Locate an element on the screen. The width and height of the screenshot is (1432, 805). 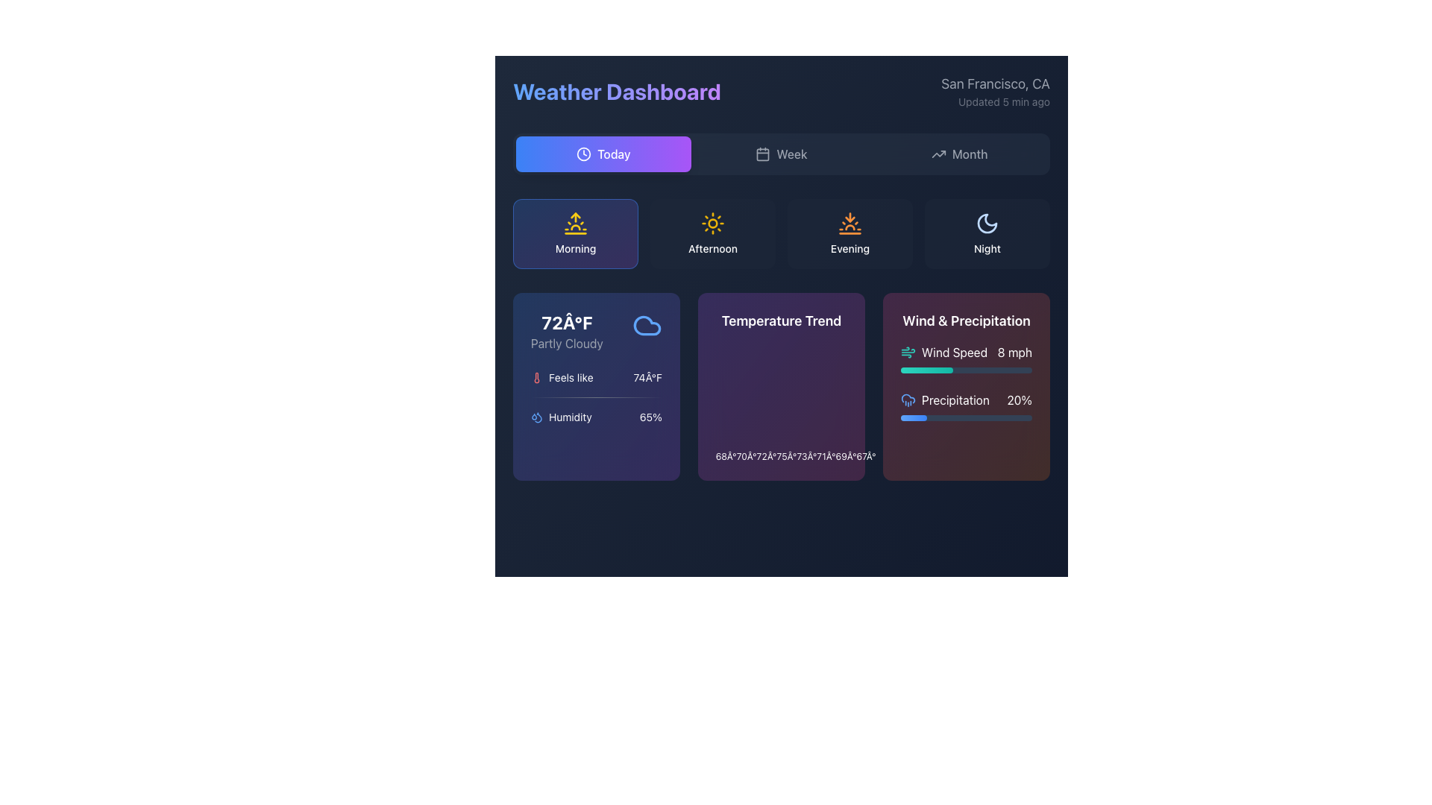
text displayed in the 'Morning' label, which is a white text label against a dark blue background, located beneath a sunrise icon in the weather dashboard is located at coordinates (575, 248).